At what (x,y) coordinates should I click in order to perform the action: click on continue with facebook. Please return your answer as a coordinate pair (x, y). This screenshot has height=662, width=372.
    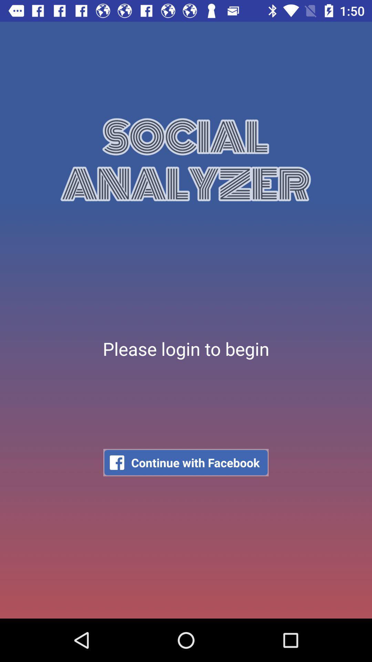
    Looking at the image, I should click on (186, 462).